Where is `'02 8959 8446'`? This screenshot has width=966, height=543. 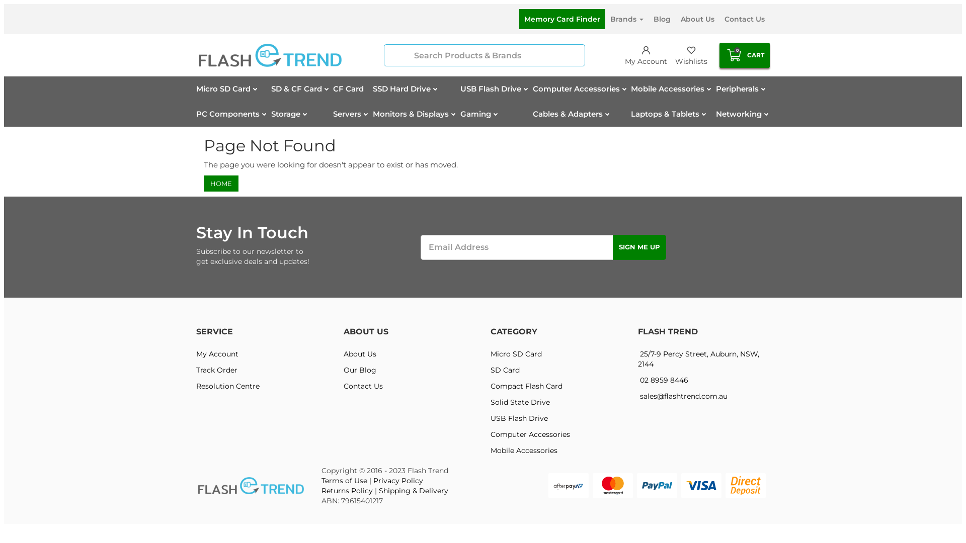
'02 8959 8446' is located at coordinates (637, 380).